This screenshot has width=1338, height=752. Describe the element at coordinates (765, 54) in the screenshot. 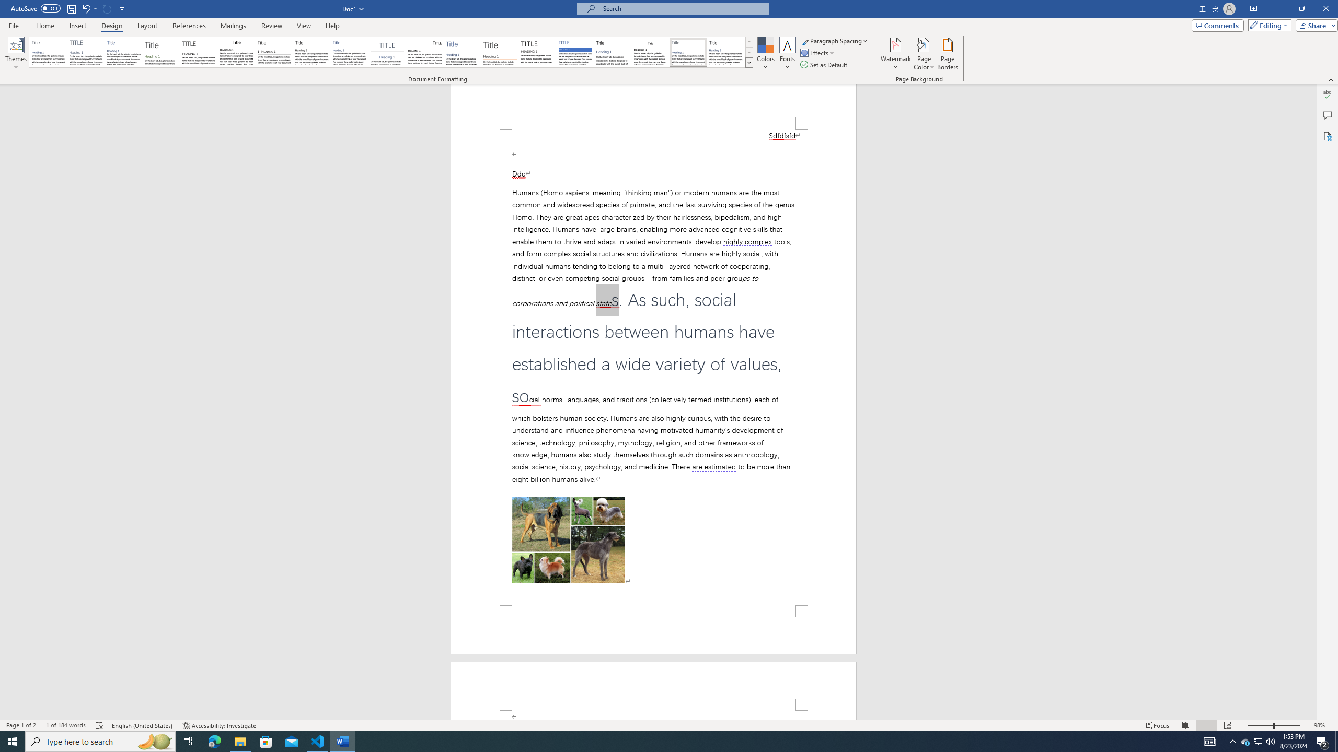

I see `'Colors'` at that location.